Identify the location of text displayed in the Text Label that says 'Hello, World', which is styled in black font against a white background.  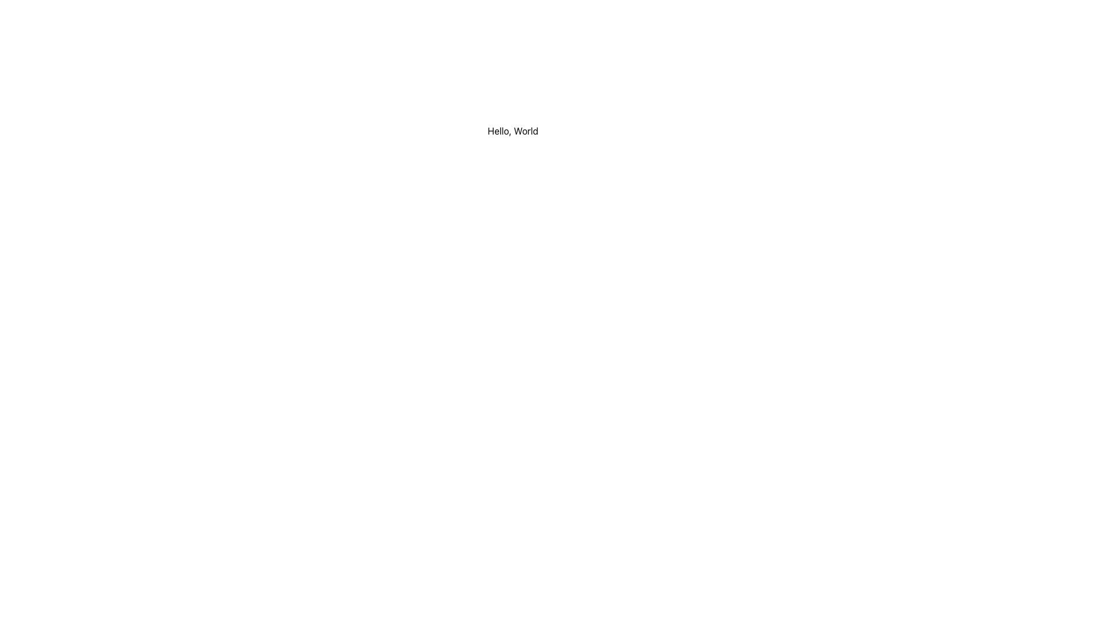
(512, 130).